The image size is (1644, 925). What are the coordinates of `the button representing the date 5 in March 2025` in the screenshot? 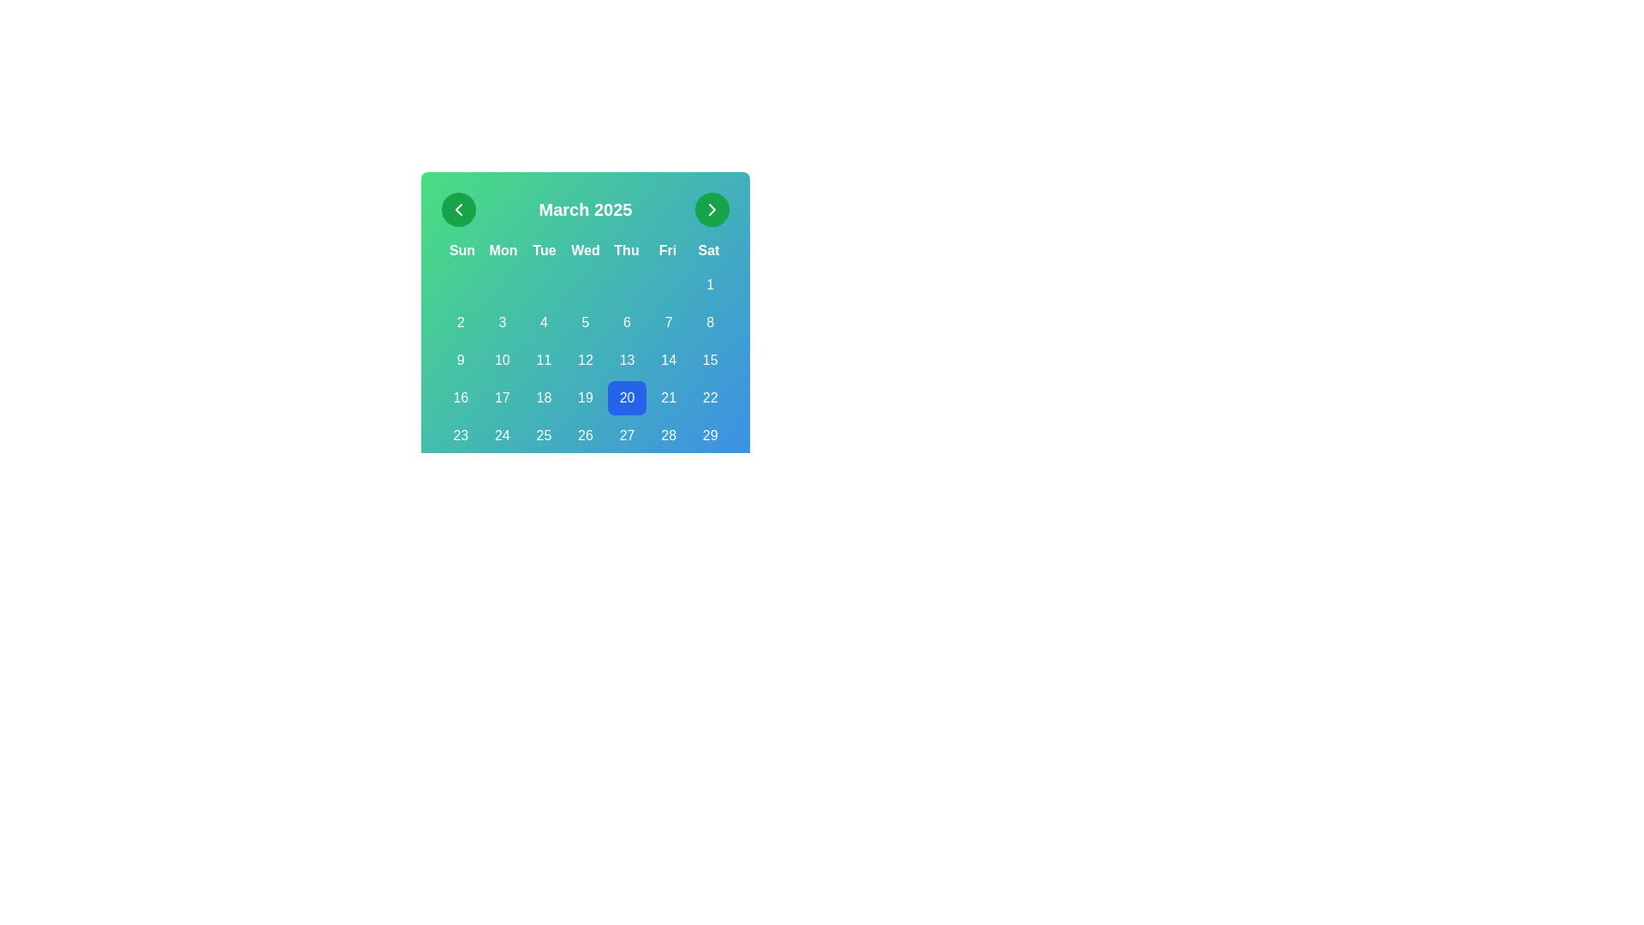 It's located at (585, 323).